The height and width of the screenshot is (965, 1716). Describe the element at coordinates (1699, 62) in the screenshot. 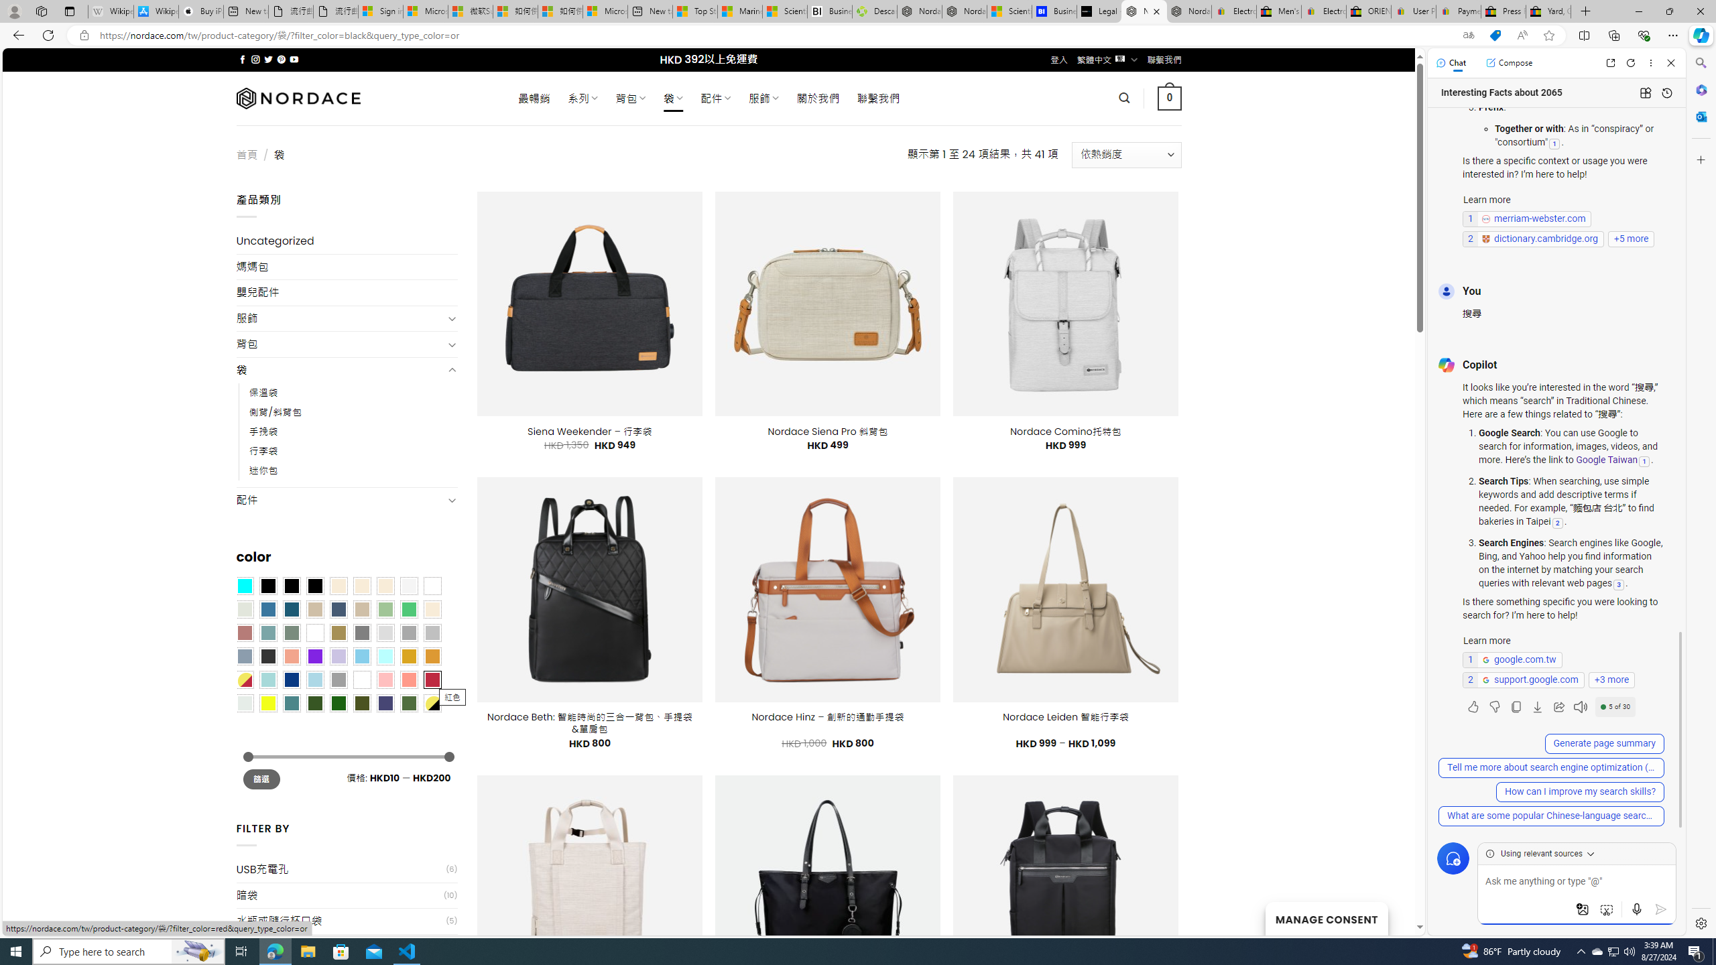

I see `'Minimize Search pane'` at that location.